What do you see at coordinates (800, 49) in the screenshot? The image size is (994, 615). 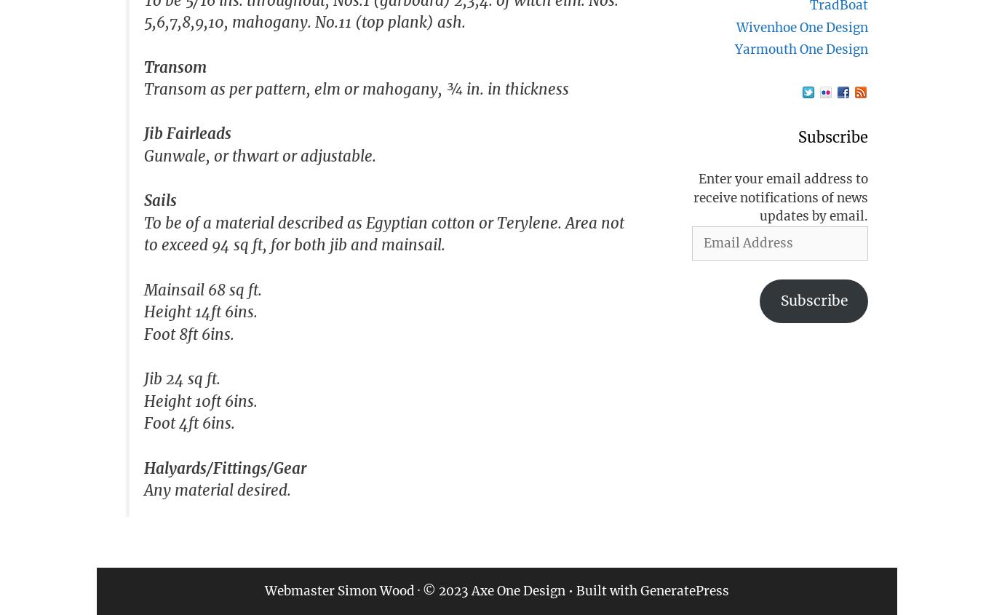 I see `'Yarmouth One Design'` at bounding box center [800, 49].